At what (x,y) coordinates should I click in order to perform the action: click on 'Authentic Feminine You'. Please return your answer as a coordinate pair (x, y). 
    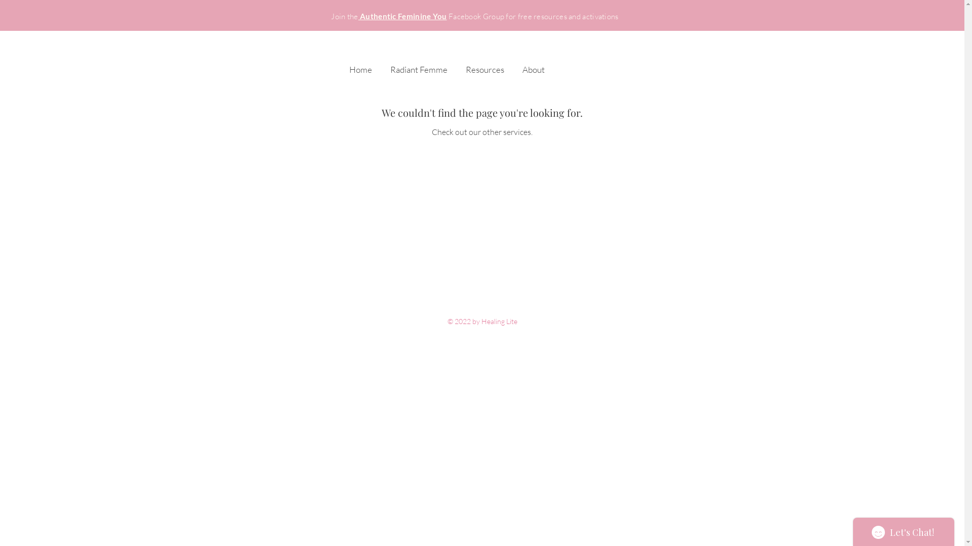
    Looking at the image, I should click on (402, 16).